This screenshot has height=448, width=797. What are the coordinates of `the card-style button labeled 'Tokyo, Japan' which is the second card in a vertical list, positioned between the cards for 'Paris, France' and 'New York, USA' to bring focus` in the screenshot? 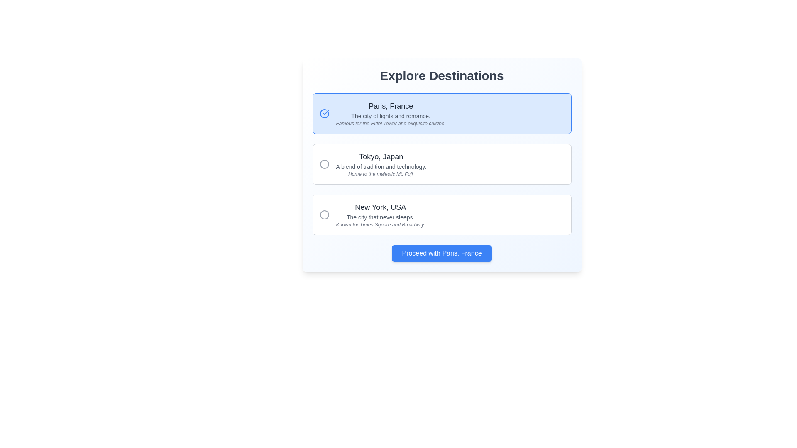 It's located at (441, 164).